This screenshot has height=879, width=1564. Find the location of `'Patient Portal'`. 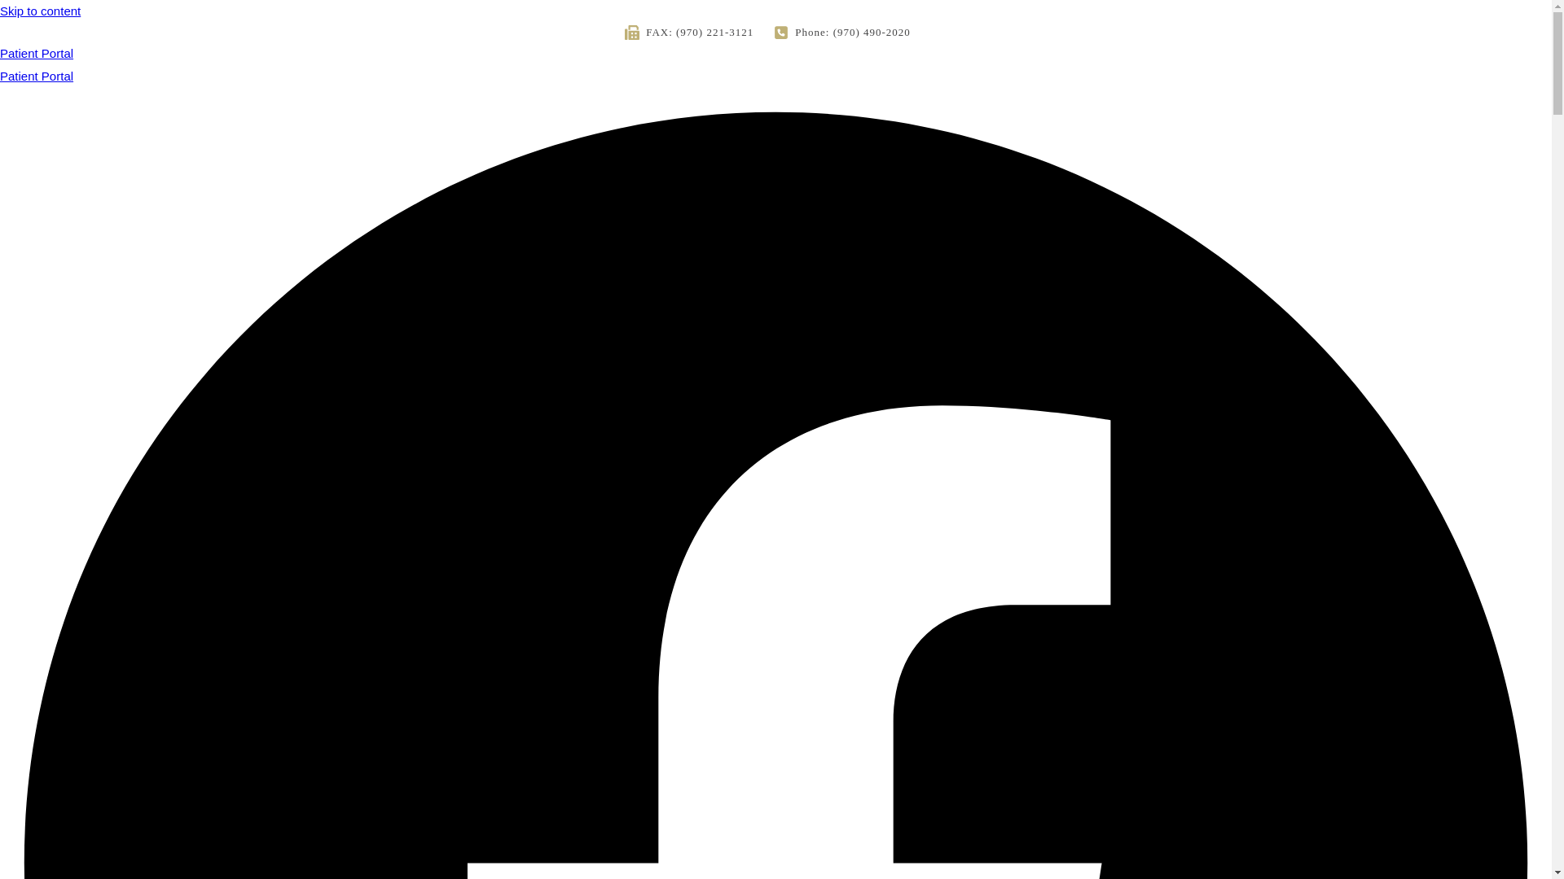

'Patient Portal' is located at coordinates (775, 62).